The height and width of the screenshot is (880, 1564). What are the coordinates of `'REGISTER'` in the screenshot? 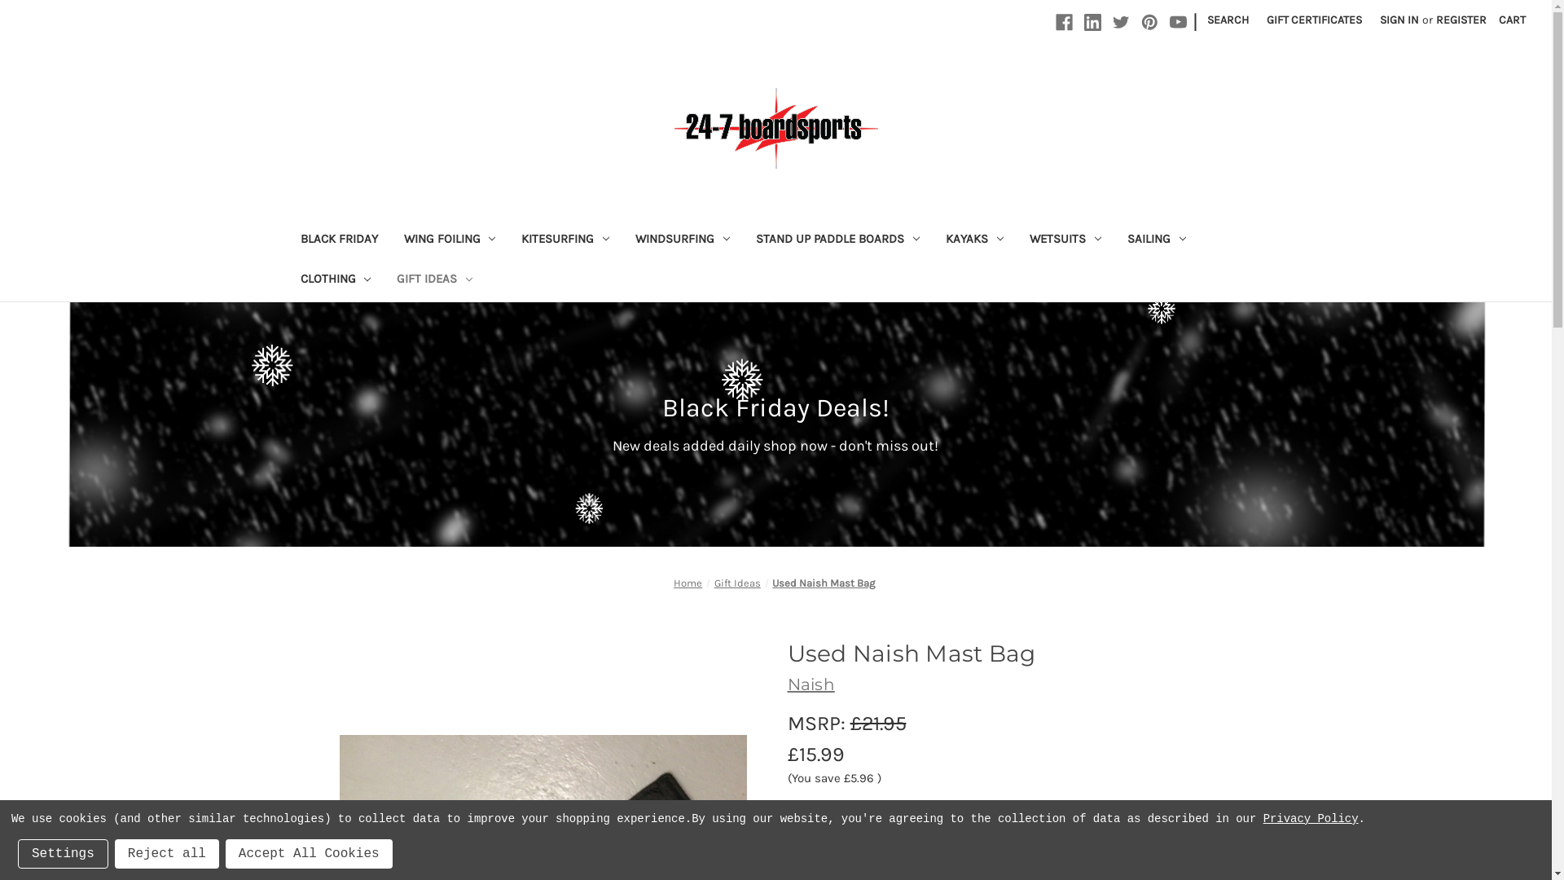 It's located at (1461, 20).